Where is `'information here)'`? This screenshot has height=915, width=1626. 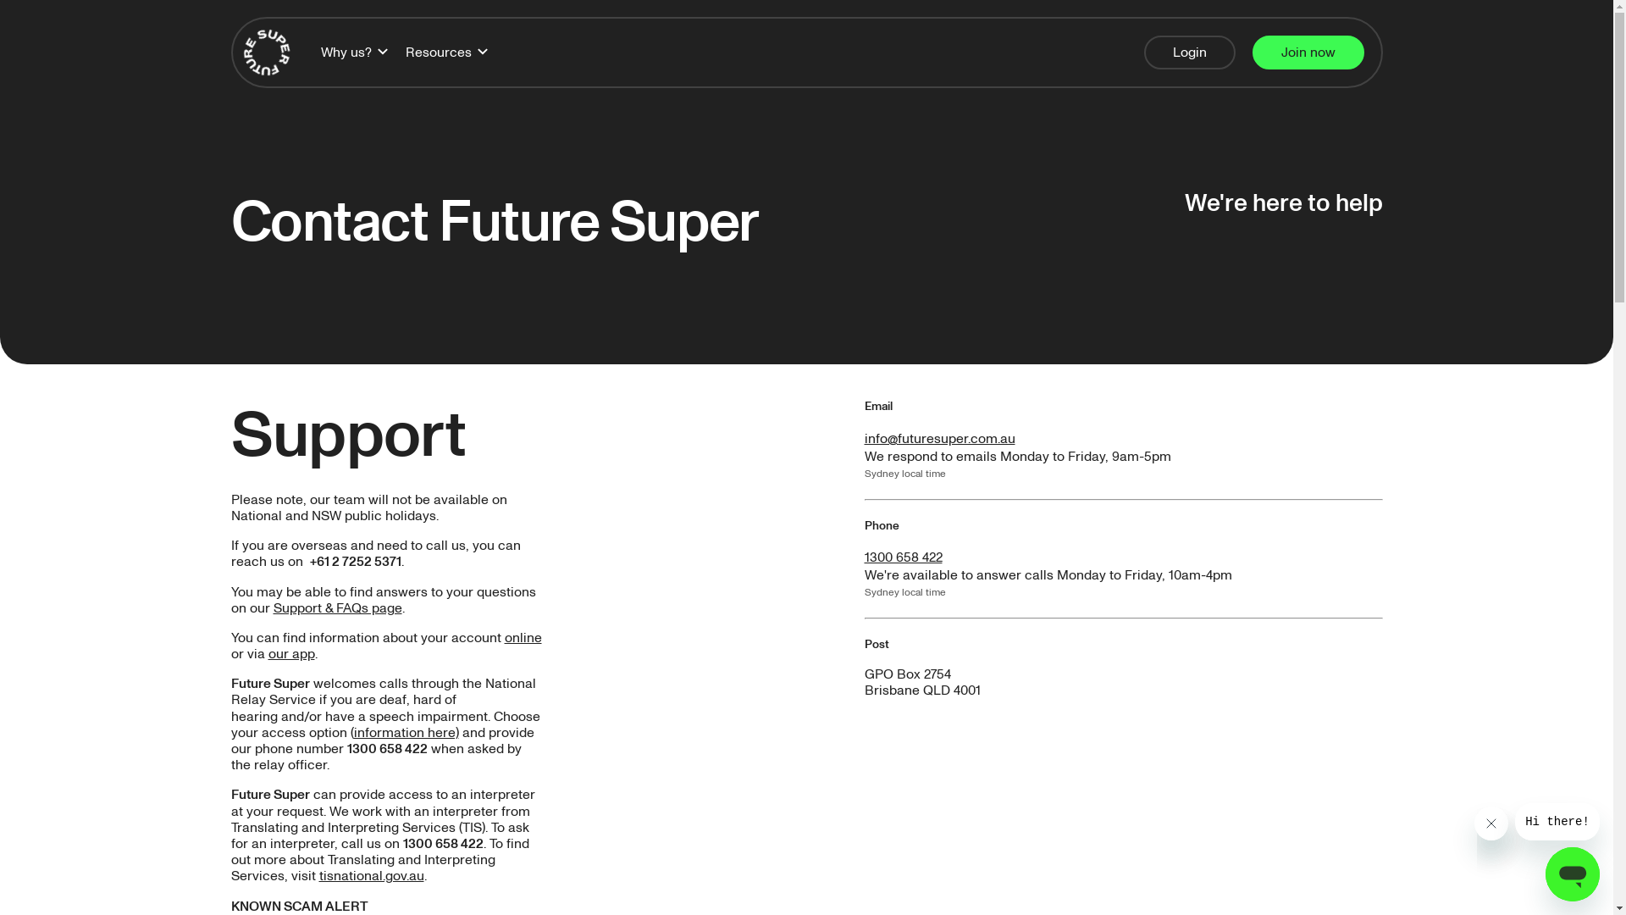
'information here)' is located at coordinates (406, 731).